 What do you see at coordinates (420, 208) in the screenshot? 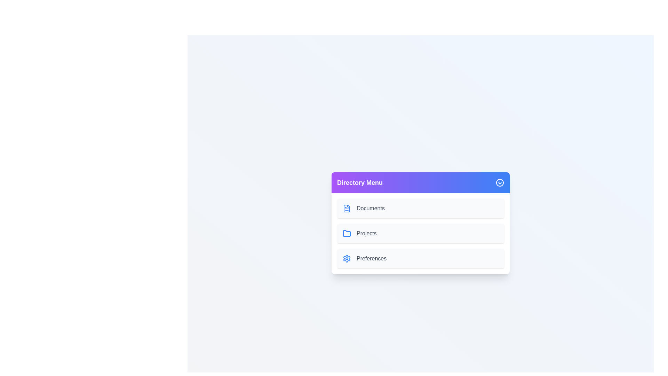
I see `the 'Documents' item in the directory menu` at bounding box center [420, 208].